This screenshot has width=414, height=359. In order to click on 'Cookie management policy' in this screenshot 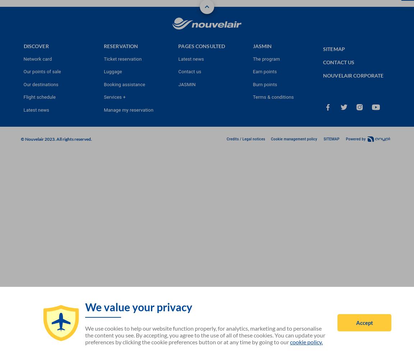, I will do `click(294, 139)`.